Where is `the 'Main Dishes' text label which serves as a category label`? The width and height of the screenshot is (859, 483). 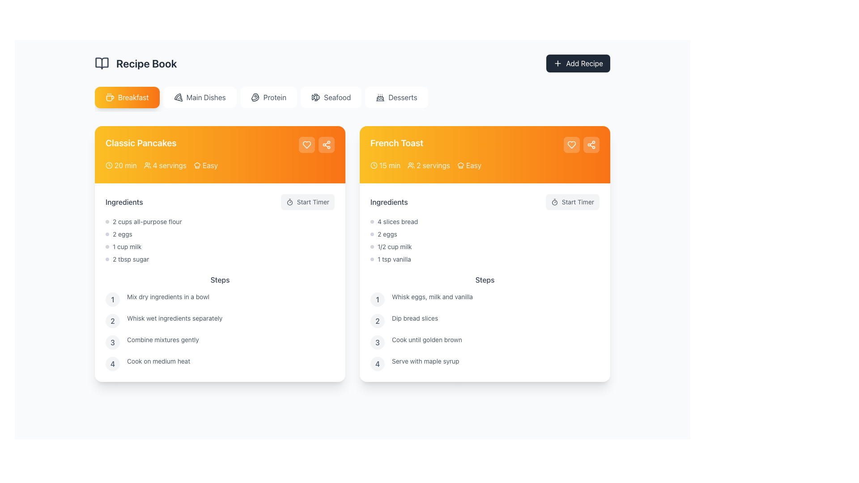
the 'Main Dishes' text label which serves as a category label is located at coordinates (205, 97).